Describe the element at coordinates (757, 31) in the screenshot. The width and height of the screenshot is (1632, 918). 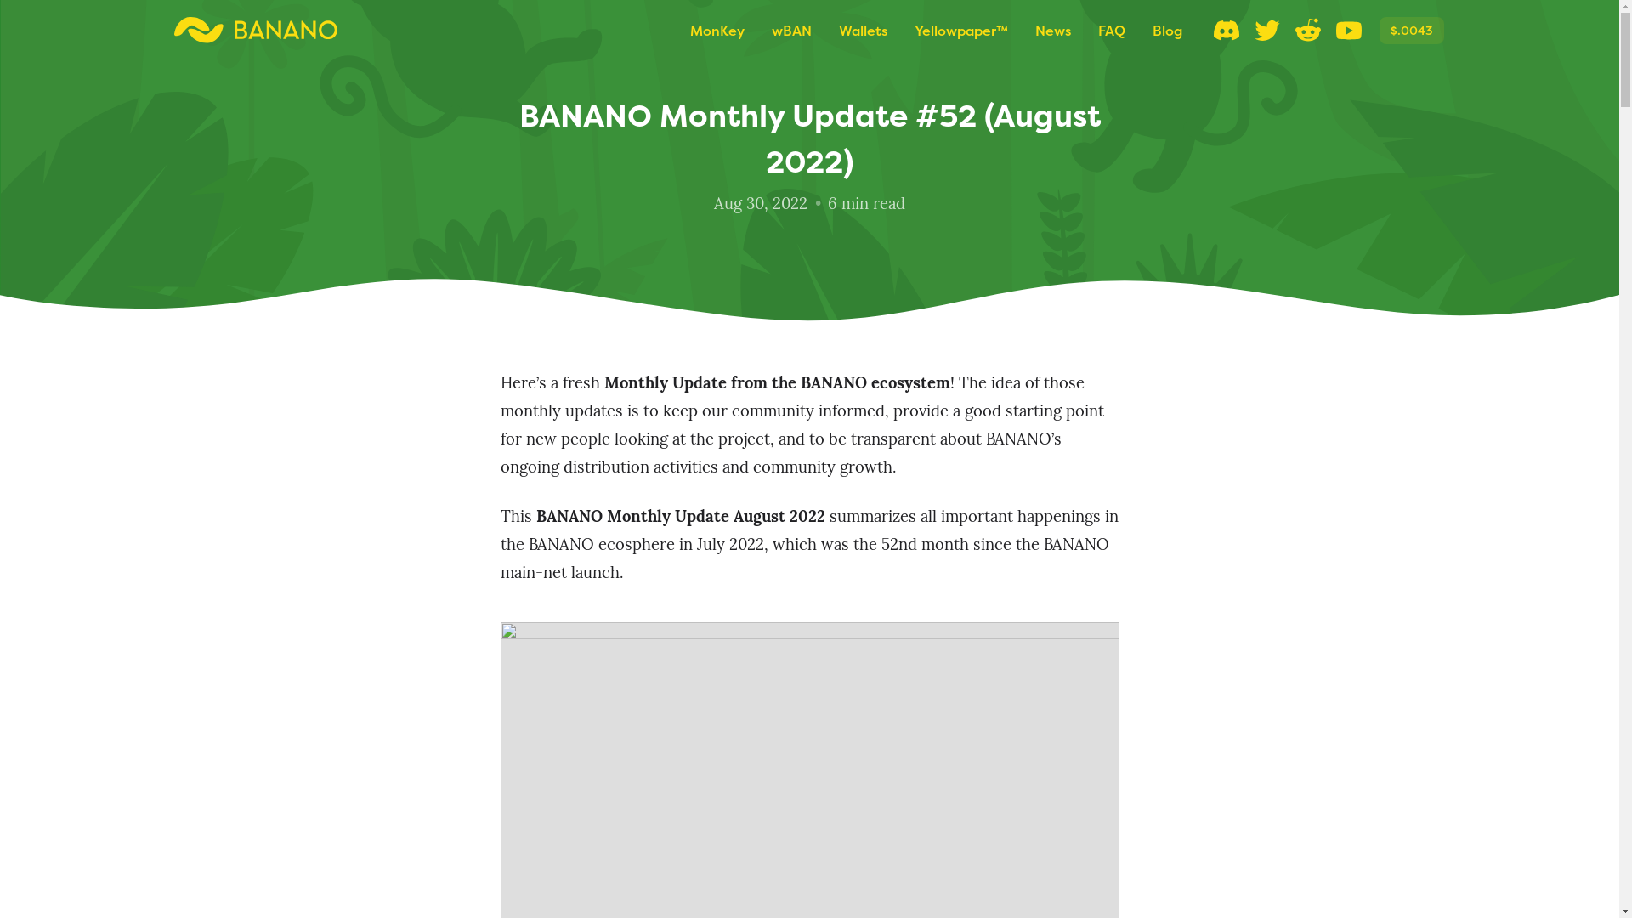
I see `'wBAN'` at that location.